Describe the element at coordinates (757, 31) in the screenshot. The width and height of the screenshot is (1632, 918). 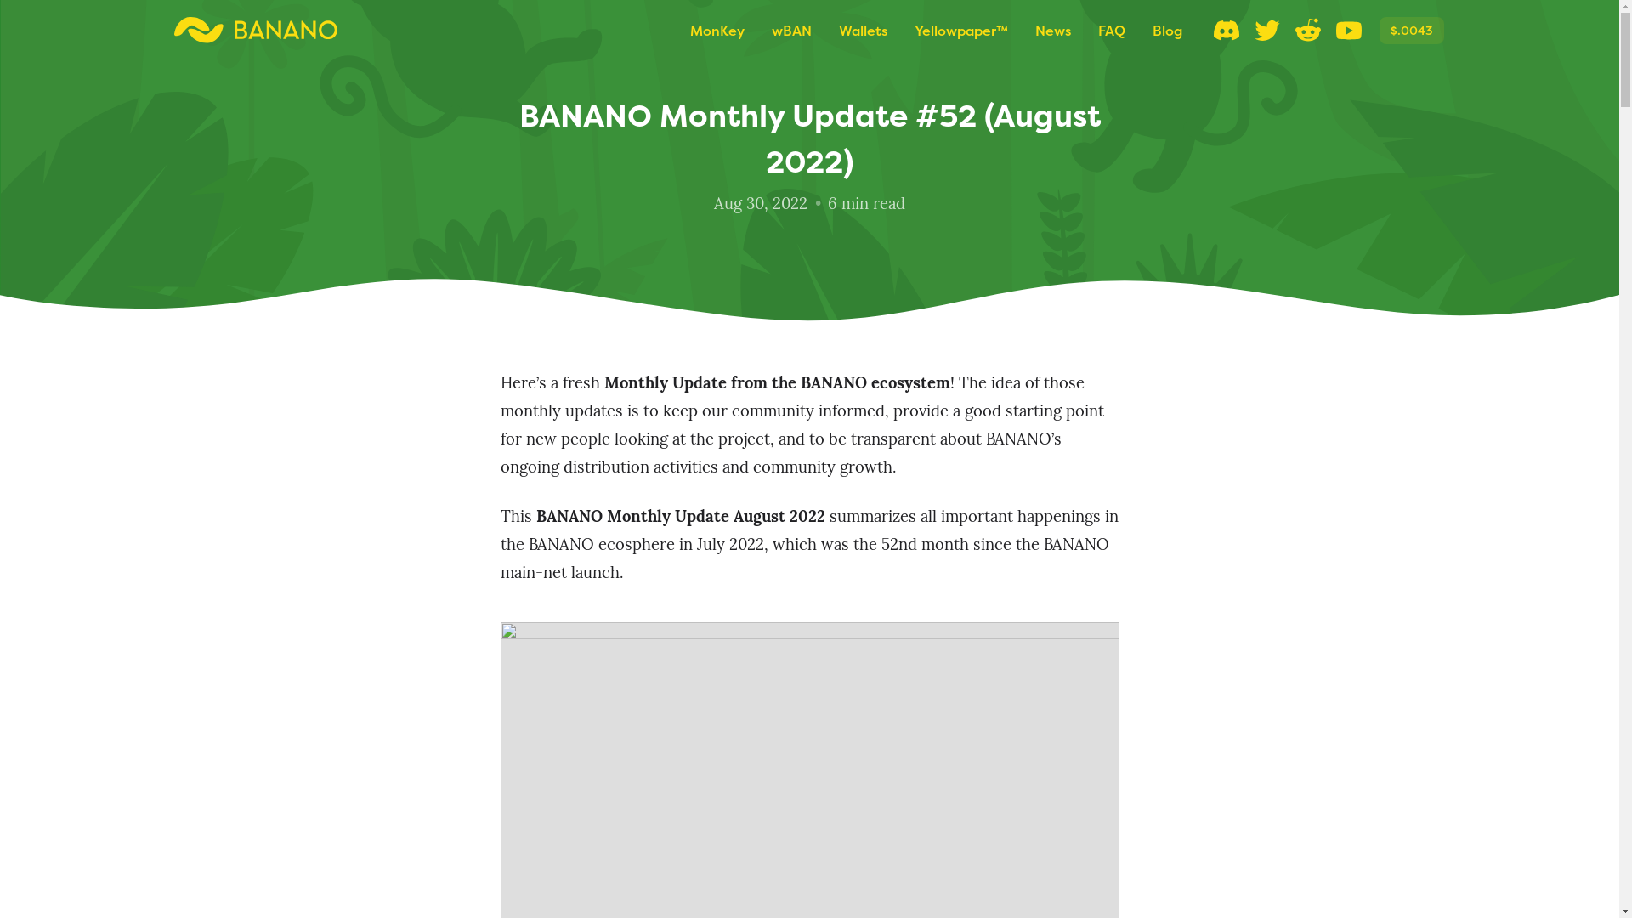
I see `'wBAN'` at that location.